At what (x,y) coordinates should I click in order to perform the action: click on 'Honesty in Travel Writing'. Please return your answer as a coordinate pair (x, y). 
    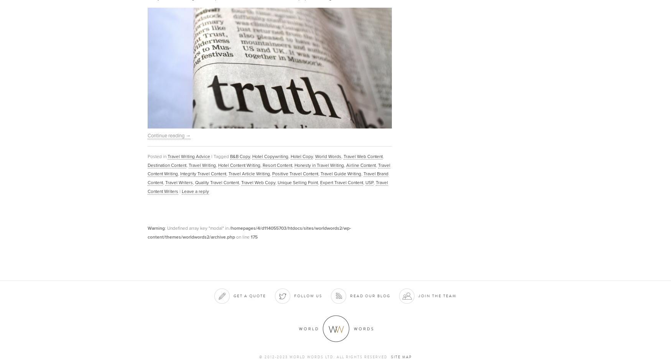
    Looking at the image, I should click on (294, 164).